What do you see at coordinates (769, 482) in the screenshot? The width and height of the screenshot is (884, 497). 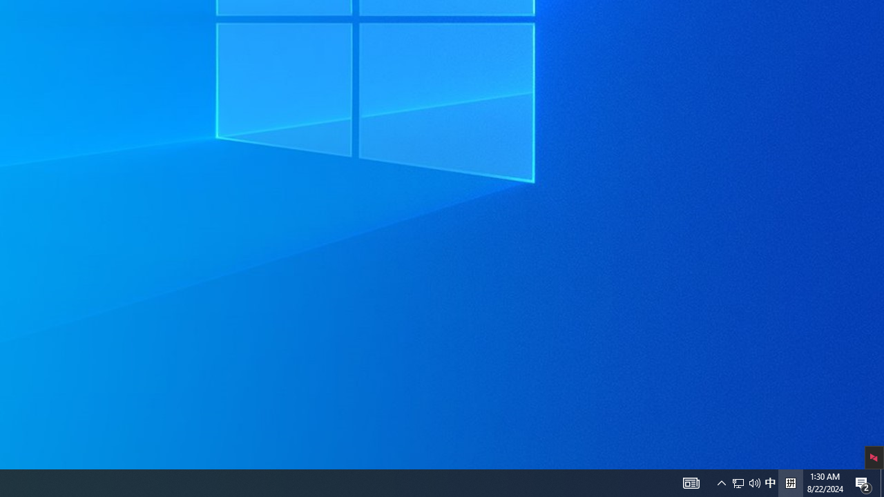 I see `'User Promoted Notification Area'` at bounding box center [769, 482].